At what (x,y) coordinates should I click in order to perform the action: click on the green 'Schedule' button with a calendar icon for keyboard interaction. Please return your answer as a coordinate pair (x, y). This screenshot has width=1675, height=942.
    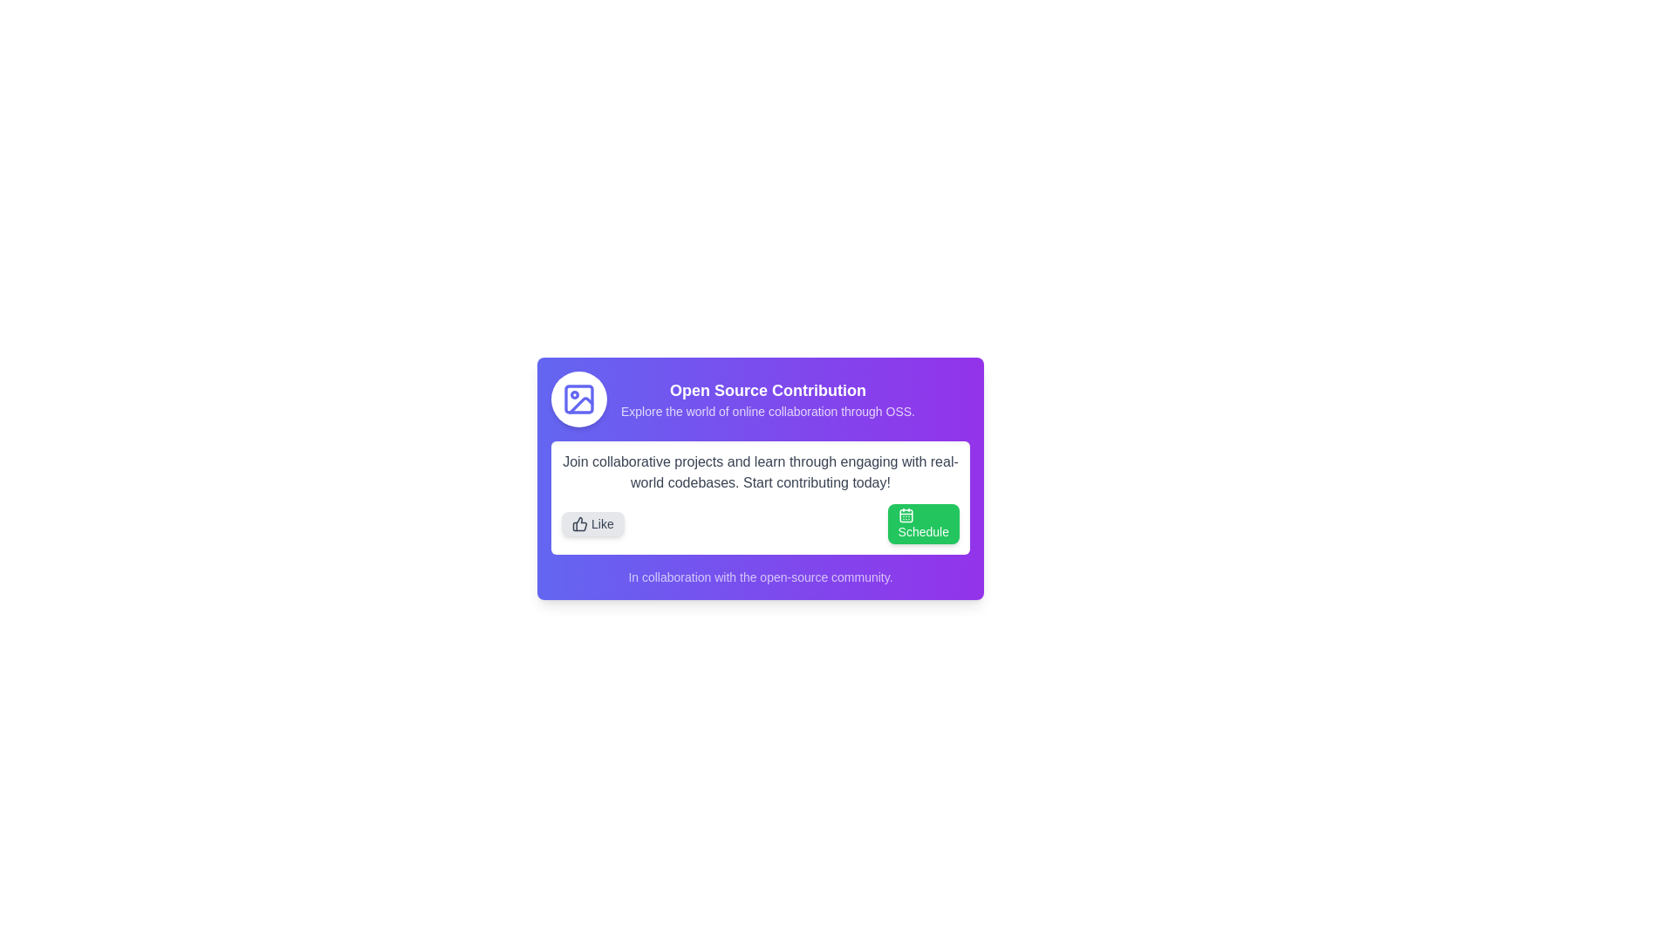
    Looking at the image, I should click on (922, 523).